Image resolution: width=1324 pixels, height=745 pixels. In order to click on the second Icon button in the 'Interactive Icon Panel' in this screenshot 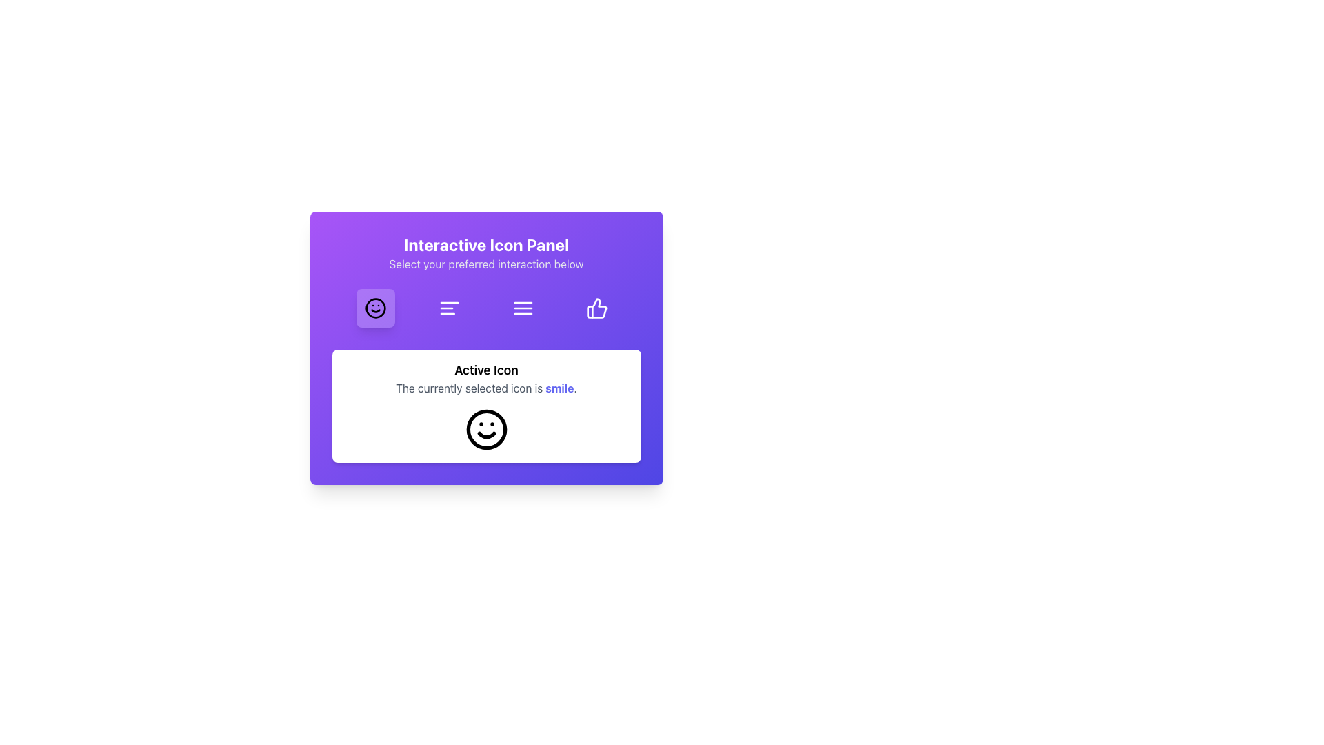, I will do `click(449, 308)`.